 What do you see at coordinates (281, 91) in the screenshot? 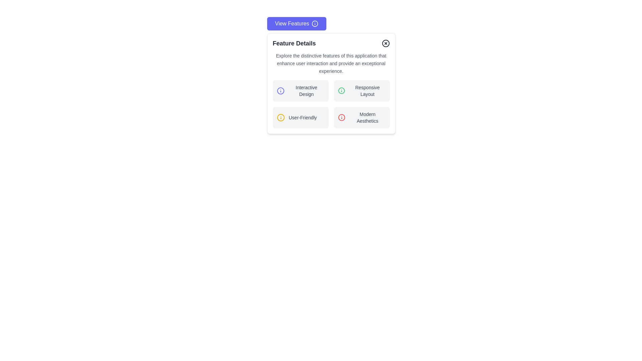
I see `the icon associated with the 'Interactive Design' label, which is the leftmost component in the 'Feature Details' section` at bounding box center [281, 91].